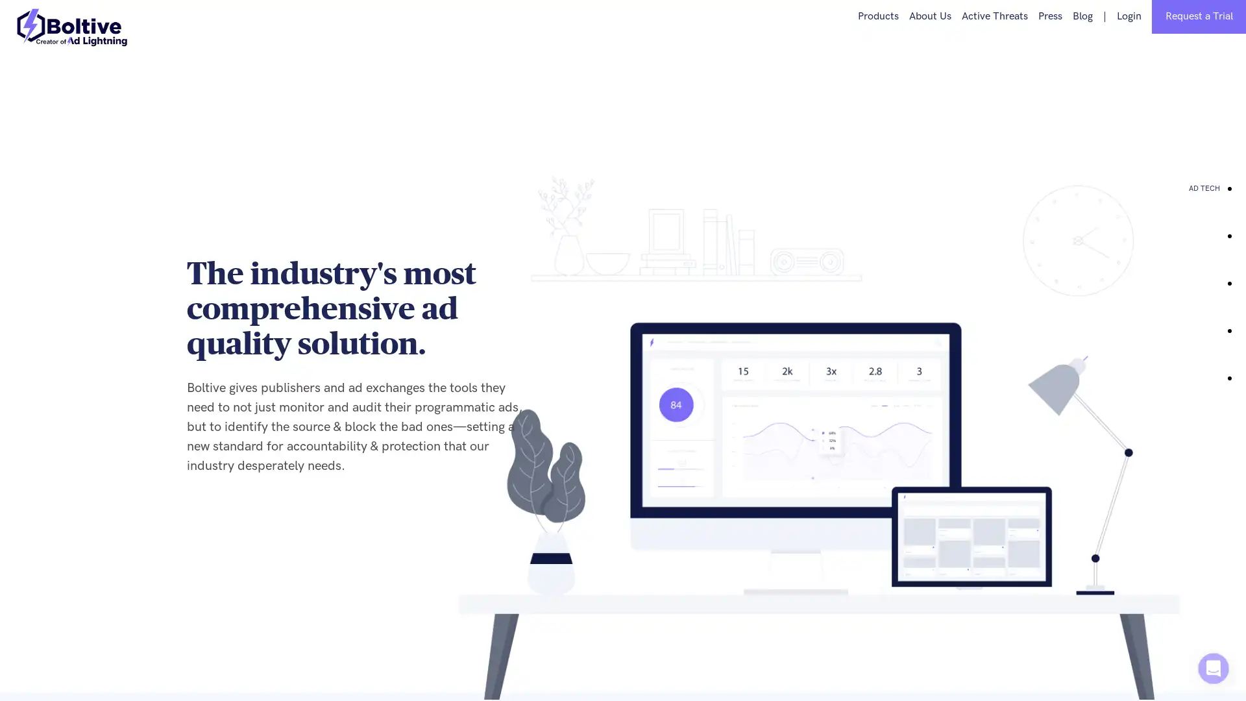  I want to click on Open Intercom Messenger, so click(1213, 668).